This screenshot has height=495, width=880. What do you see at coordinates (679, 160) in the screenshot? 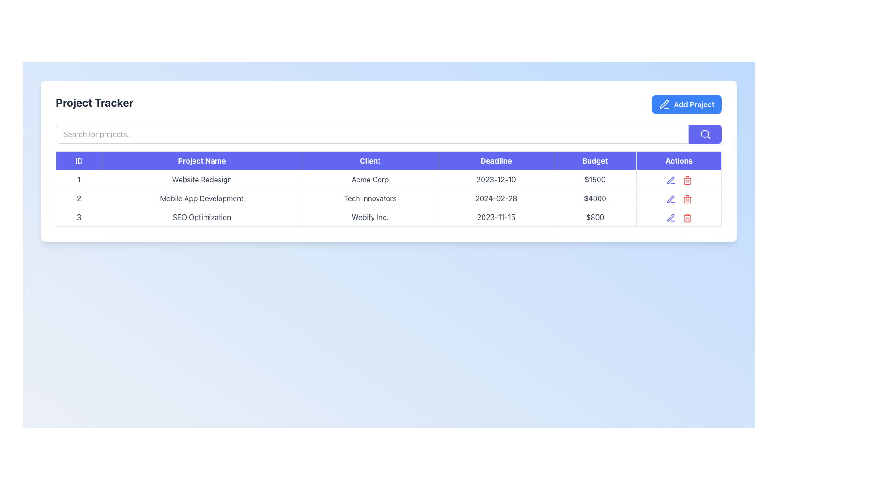
I see `'Actions' column header text label, which is the rightmost column header in the table, horizontally aligned with 'ID', 'Project Name', 'Client', 'Deadline', and 'Budget'` at bounding box center [679, 160].